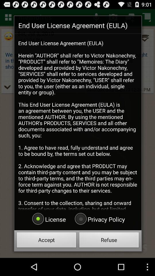 This screenshot has width=155, height=276. I want to click on icon to the right of accept, so click(109, 241).